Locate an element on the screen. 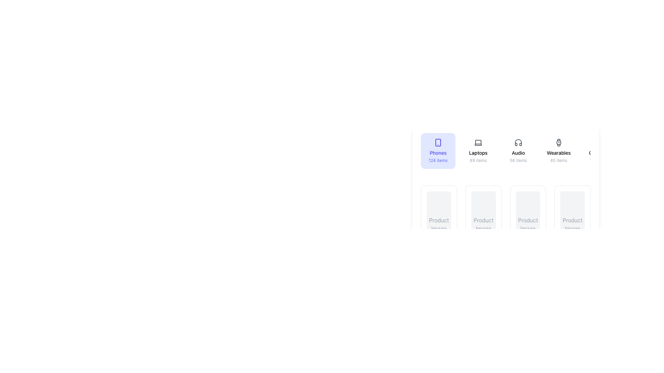 The width and height of the screenshot is (664, 373). the 'Laptops' text label, which is styled as a secondary label beneath a laptop icon and above another label displaying '89 items'. It is located in the second category from the left in the top row of categories is located at coordinates (478, 153).